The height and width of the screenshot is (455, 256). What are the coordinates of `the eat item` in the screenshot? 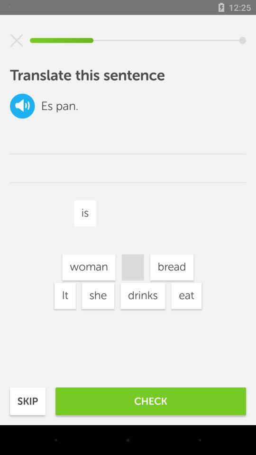 It's located at (186, 295).